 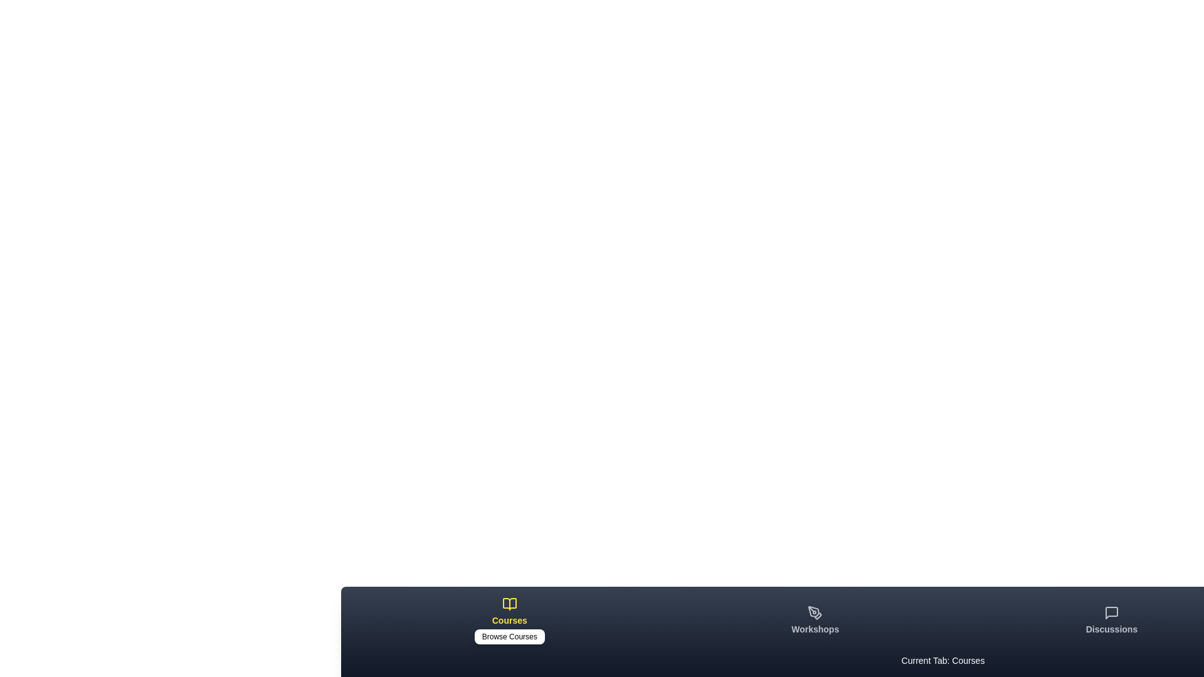 What do you see at coordinates (1111, 621) in the screenshot?
I see `the tab corresponding to Discussions to display its tooltip` at bounding box center [1111, 621].